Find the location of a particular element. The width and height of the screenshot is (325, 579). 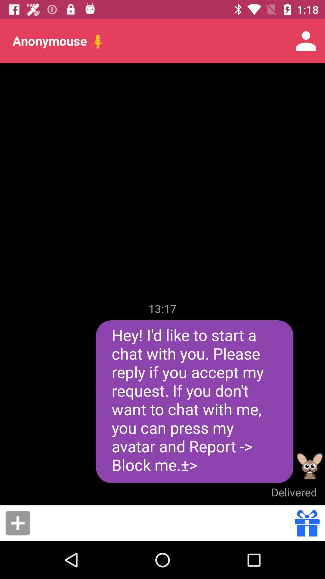

the item above delivered item is located at coordinates (310, 466).